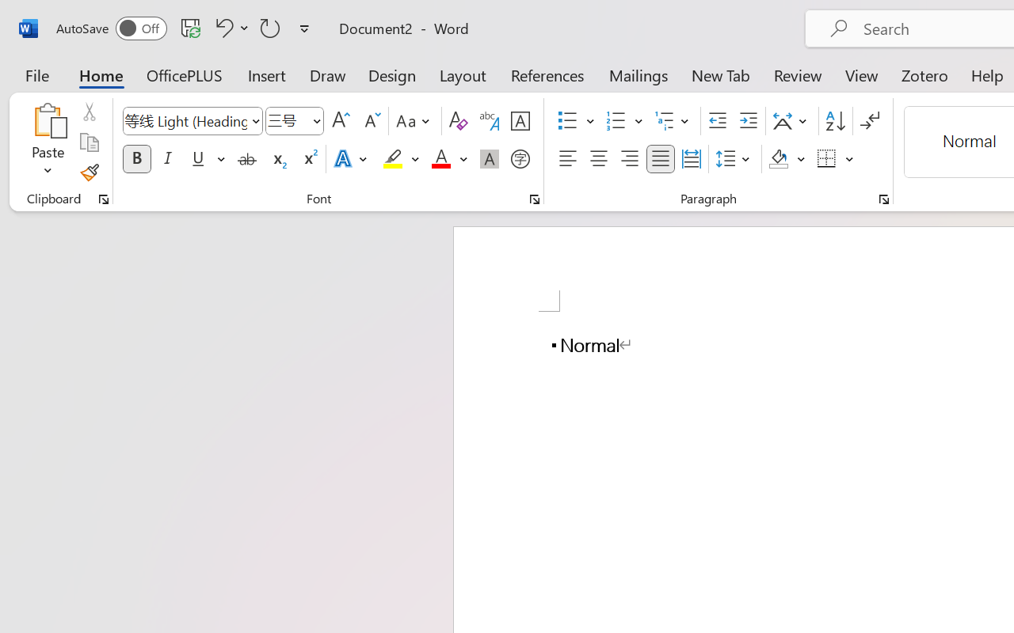 This screenshot has width=1014, height=633. Describe the element at coordinates (673, 121) in the screenshot. I see `'Multilevel List'` at that location.